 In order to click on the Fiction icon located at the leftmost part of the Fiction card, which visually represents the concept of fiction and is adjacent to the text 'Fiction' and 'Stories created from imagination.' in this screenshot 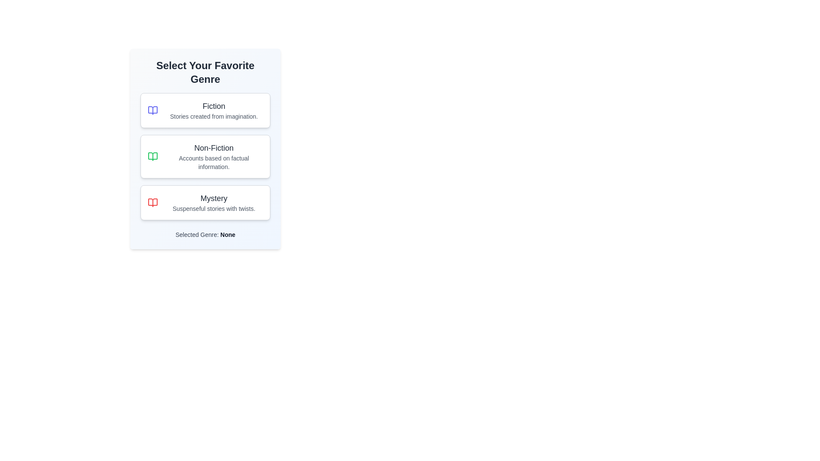, I will do `click(153, 110)`.